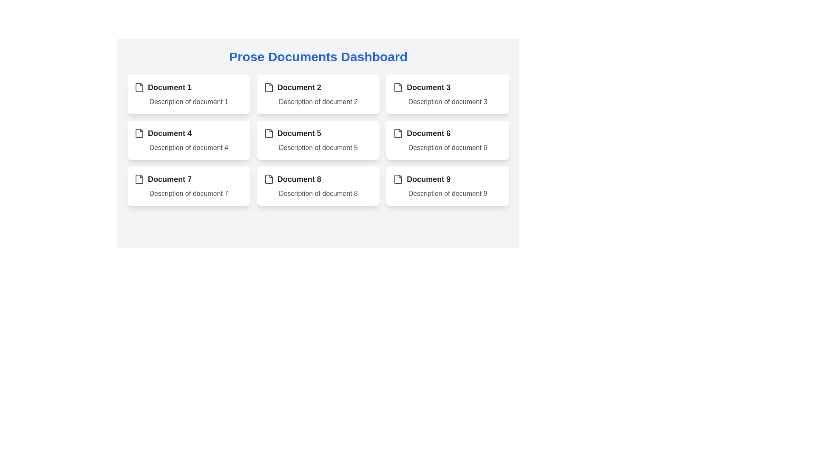 The height and width of the screenshot is (459, 816). I want to click on text label 'Document 3' which is styled with a large, bold font and is located in the top row, third column of the dashboard layout, so click(428, 87).